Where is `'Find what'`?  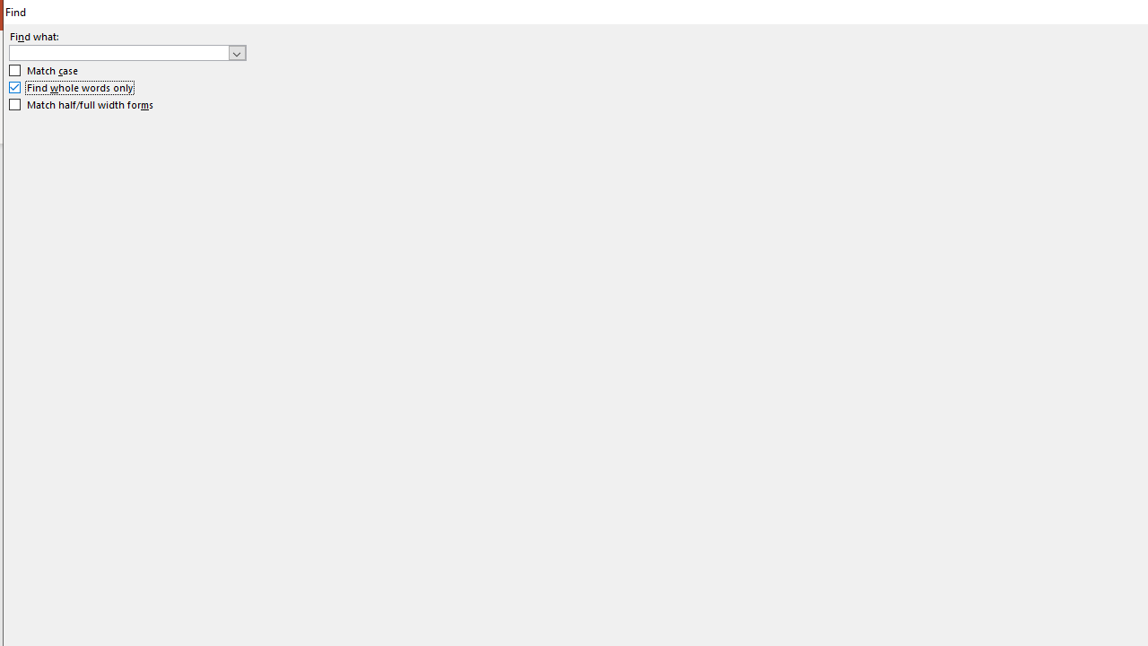 'Find what' is located at coordinates (126, 51).